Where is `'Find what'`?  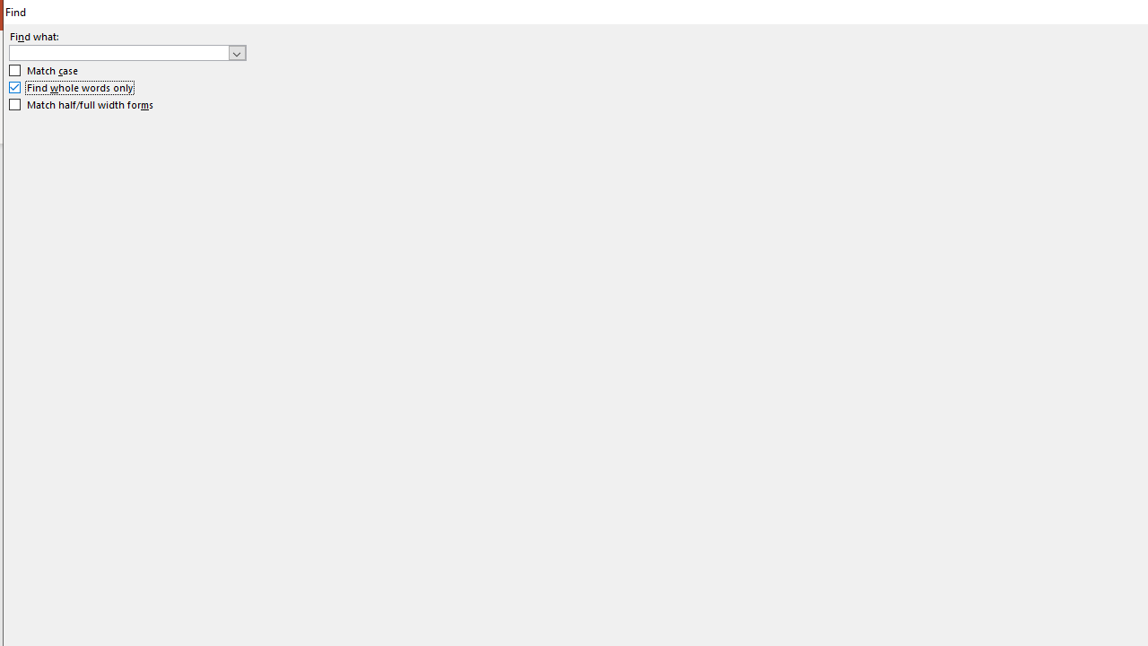 'Find what' is located at coordinates (126, 51).